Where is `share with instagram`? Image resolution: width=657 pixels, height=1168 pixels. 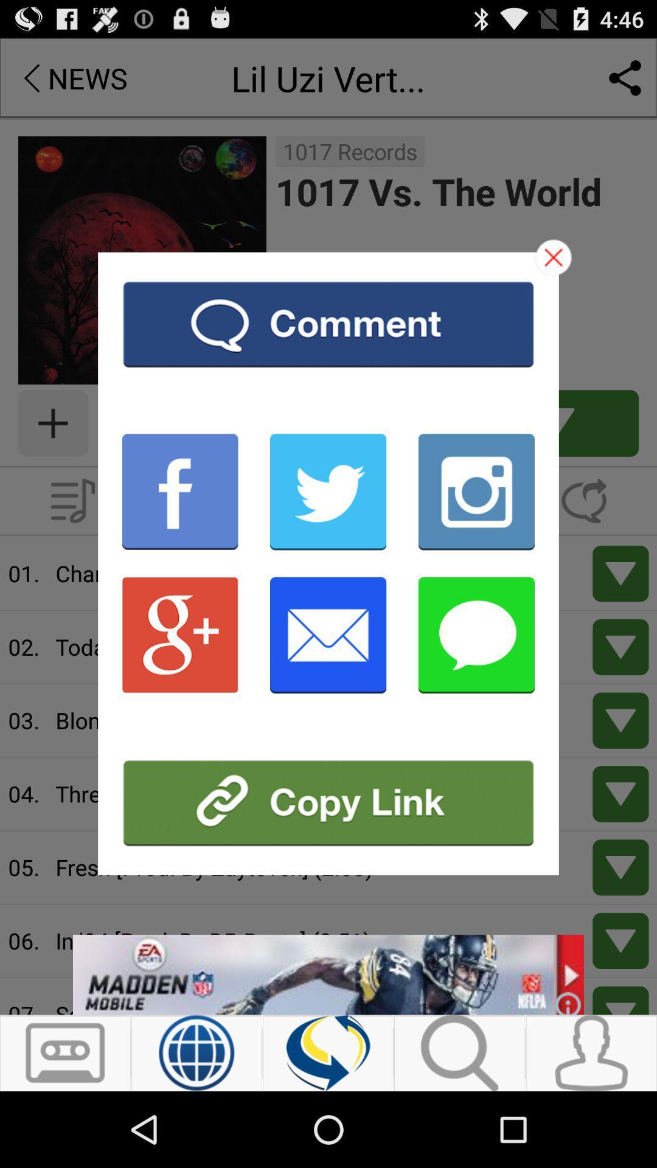
share with instagram is located at coordinates (476, 492).